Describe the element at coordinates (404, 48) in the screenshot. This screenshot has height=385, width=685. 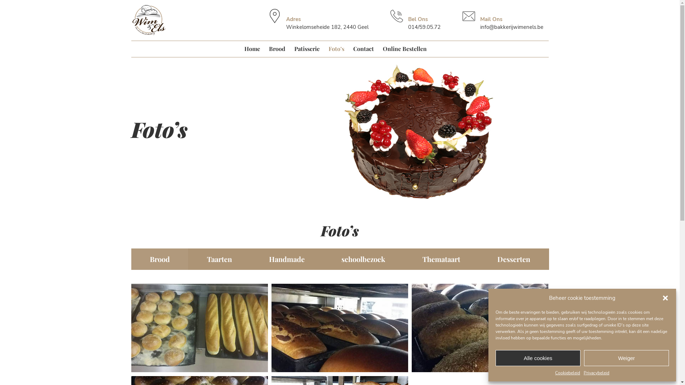
I see `'Online Bestellen'` at that location.